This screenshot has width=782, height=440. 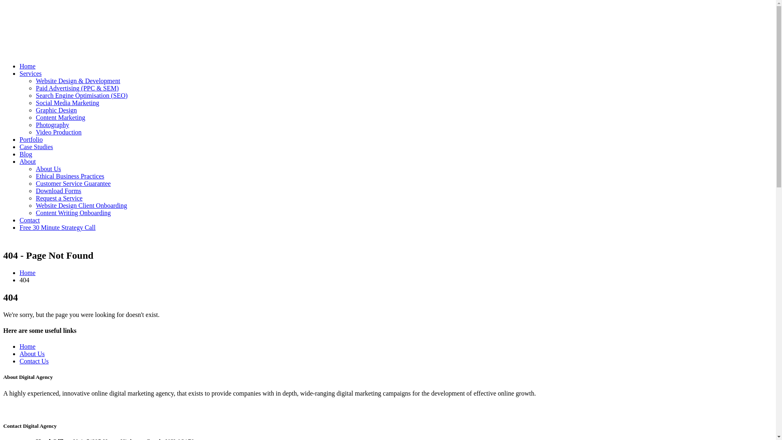 I want to click on 'Social Media Marketing', so click(x=68, y=102).